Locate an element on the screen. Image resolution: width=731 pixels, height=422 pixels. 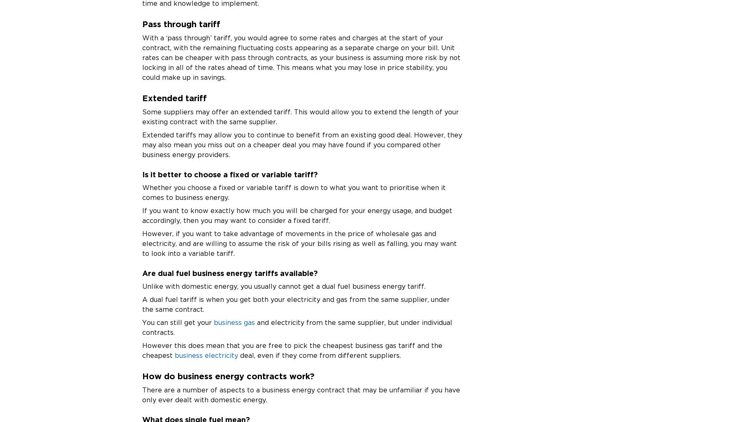
'Are dual fuel business energy tariffs available?' is located at coordinates (230, 273).